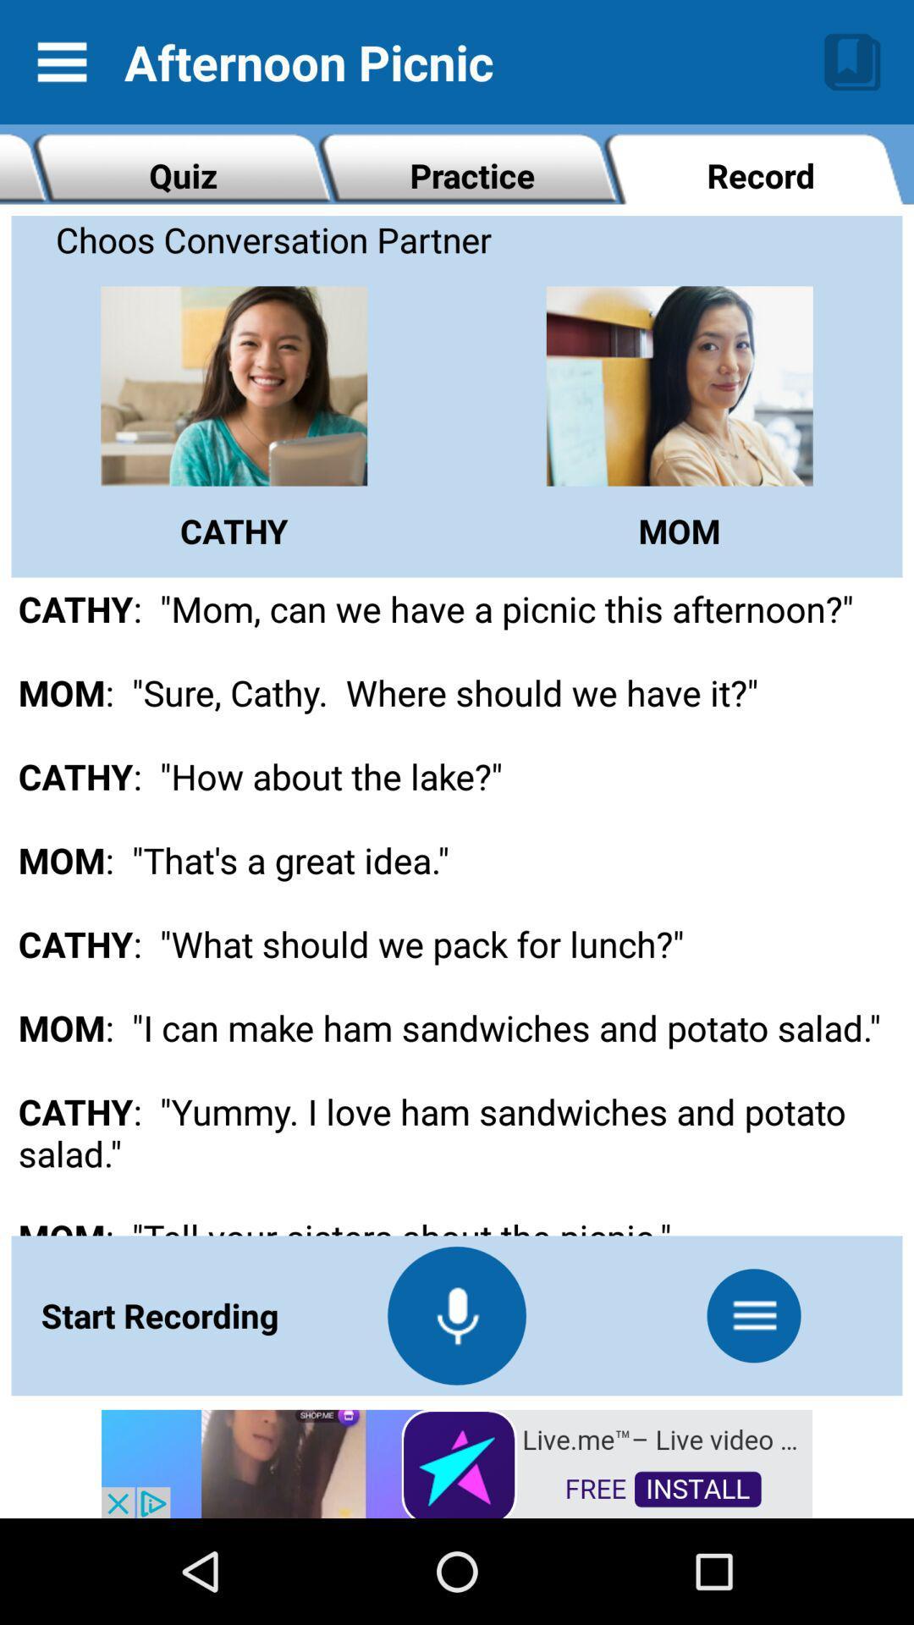 The width and height of the screenshot is (914, 1625). What do you see at coordinates (753, 1314) in the screenshot?
I see `more option` at bounding box center [753, 1314].